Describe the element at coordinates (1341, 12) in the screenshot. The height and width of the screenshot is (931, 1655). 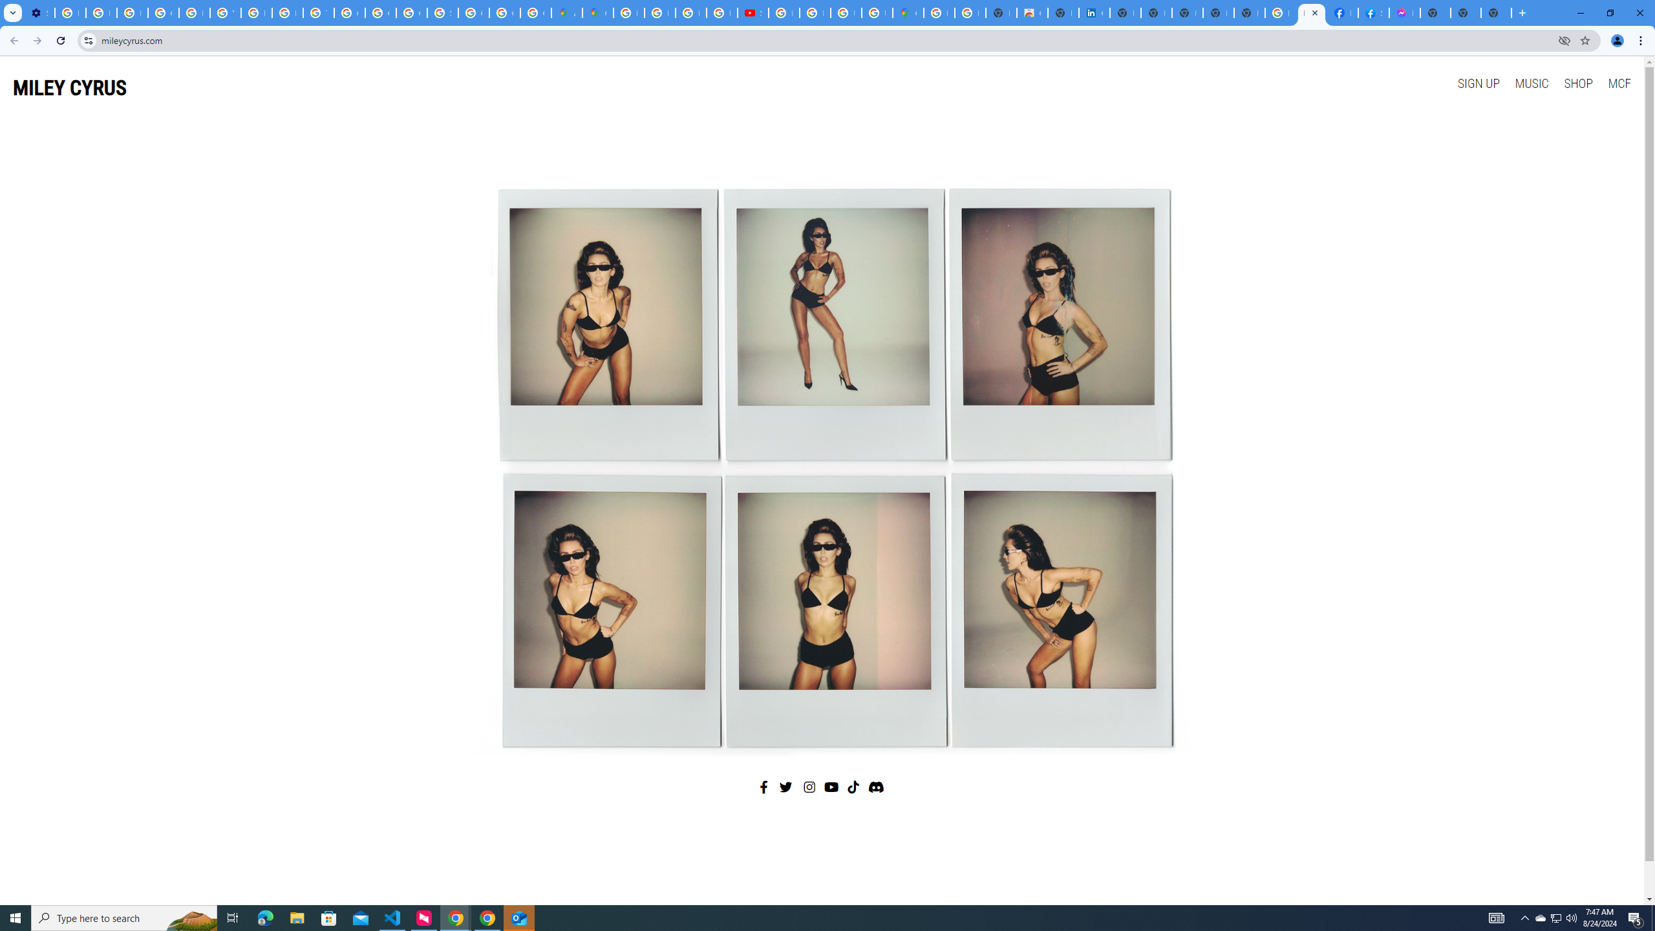
I see `'Miley Cyrus | Facebook'` at that location.